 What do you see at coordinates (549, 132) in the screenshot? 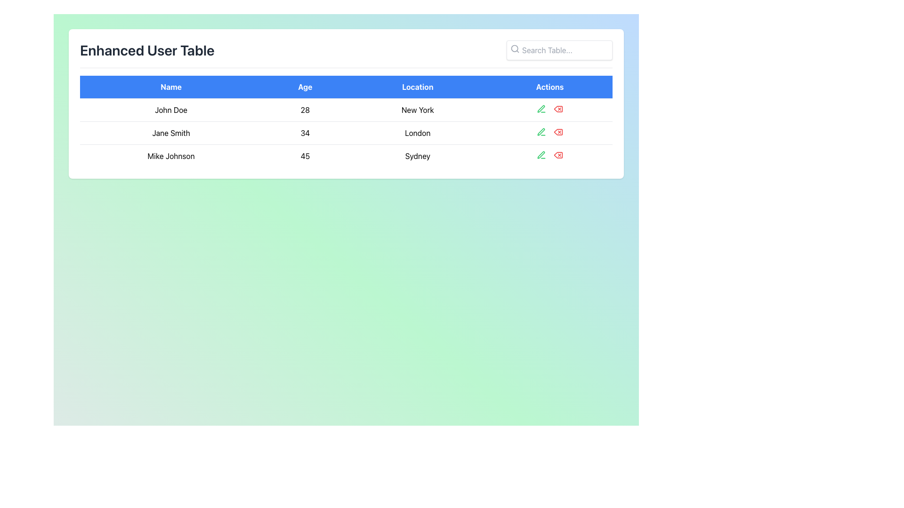
I see `the red delete button in the button group located in the 'Actions' column for the 'Jane Smith' entry` at bounding box center [549, 132].